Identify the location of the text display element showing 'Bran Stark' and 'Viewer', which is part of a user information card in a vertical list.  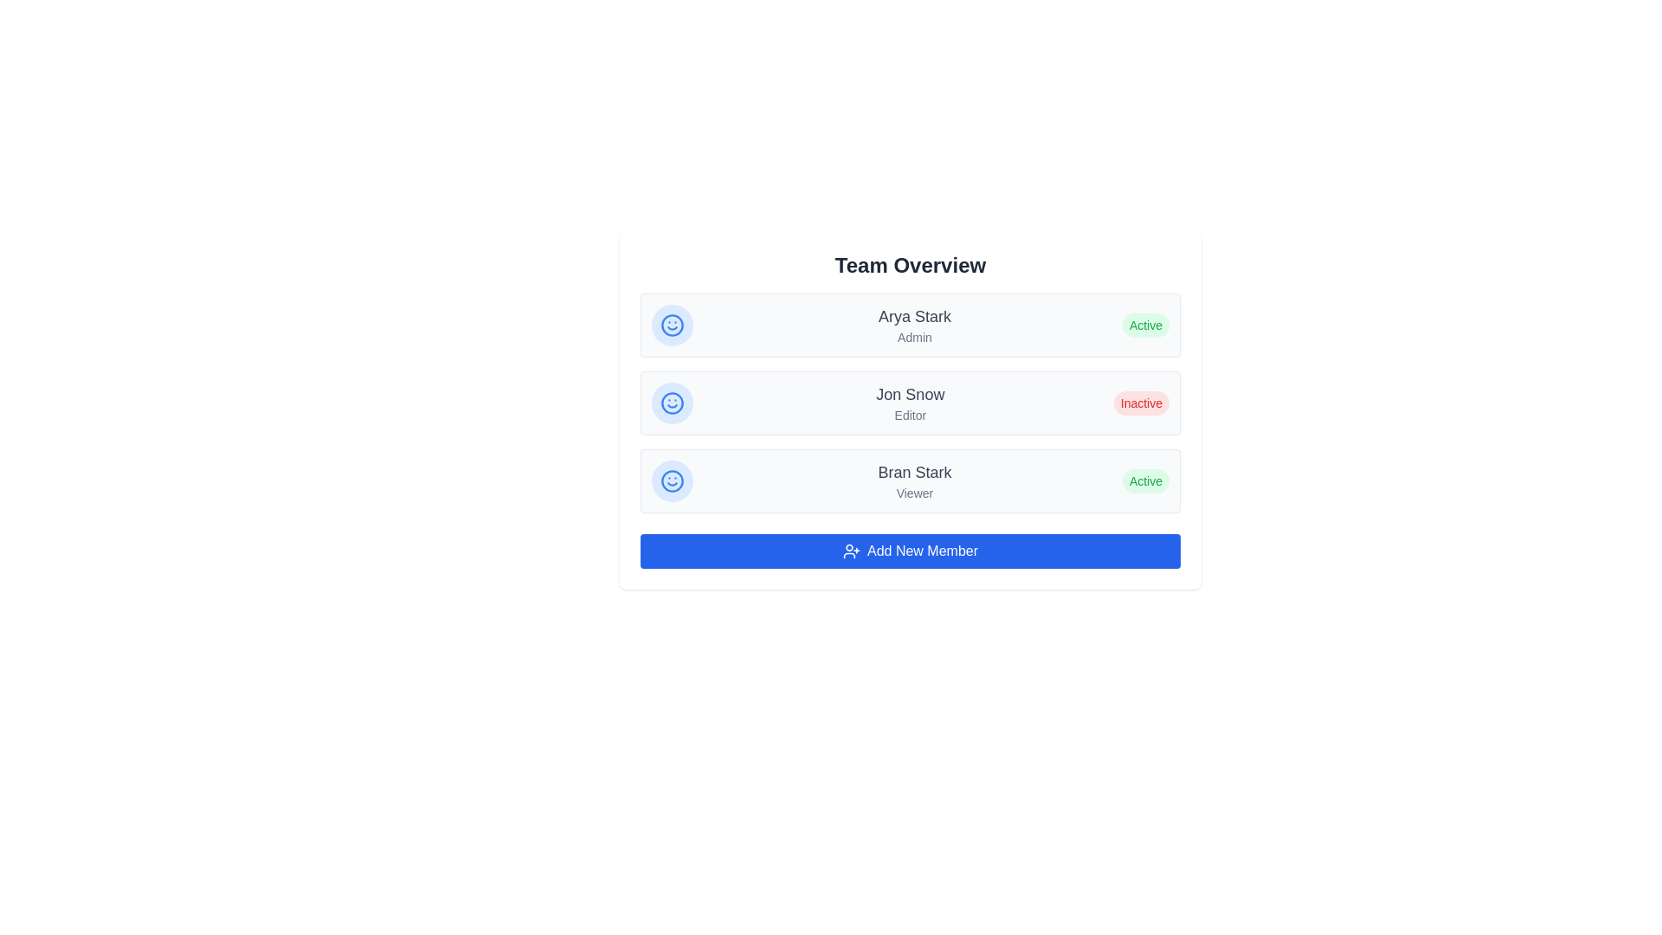
(913, 480).